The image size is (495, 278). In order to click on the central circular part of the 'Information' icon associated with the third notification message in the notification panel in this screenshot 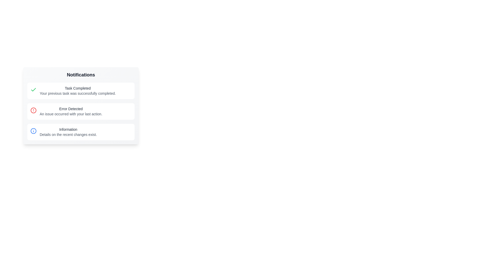, I will do `click(33, 131)`.